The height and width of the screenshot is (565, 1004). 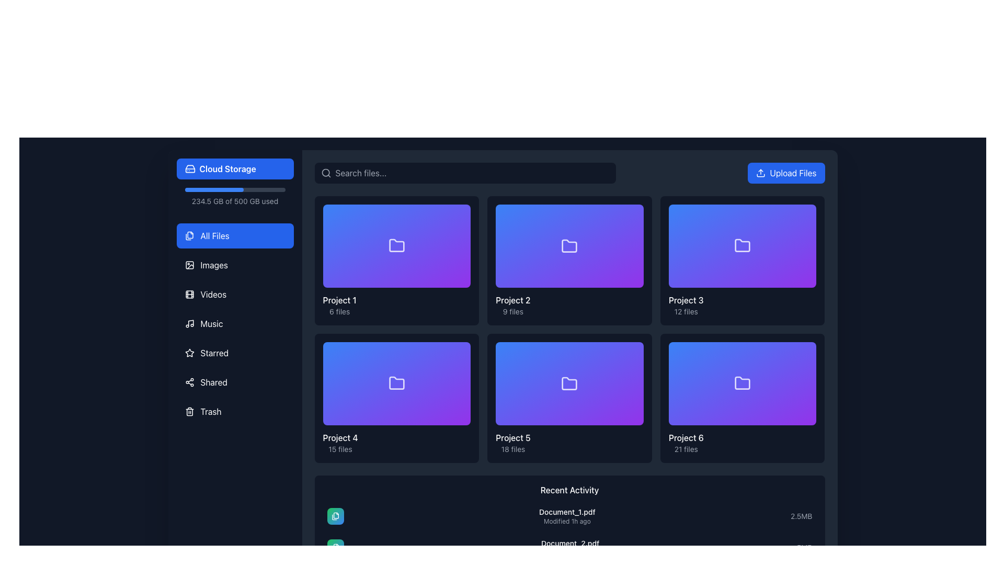 What do you see at coordinates (396, 383) in the screenshot?
I see `properties of the file folder icon representing 'Project 4' located in the center of the fourth grid item on the second row of the file display area` at bounding box center [396, 383].